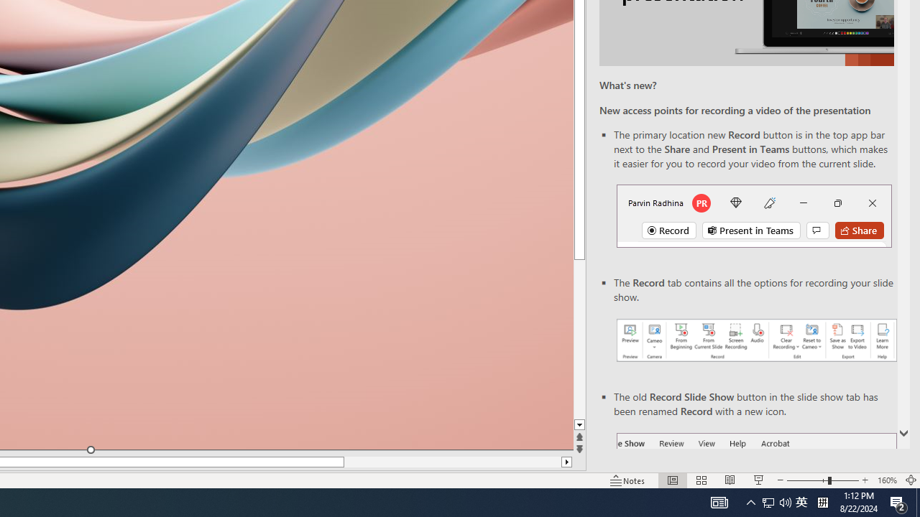 This screenshot has width=920, height=517. I want to click on 'Zoom Out', so click(807, 480).